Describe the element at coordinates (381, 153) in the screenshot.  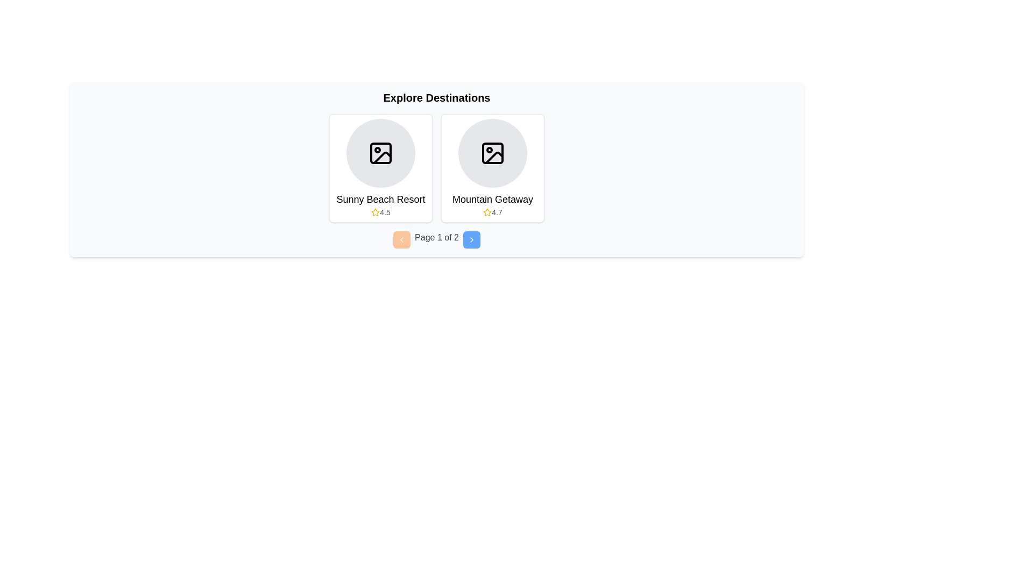
I see `the circular image placeholder with a light gray background and a black outlined 'image' icon, located at the top of the 'Sunny Beach Resort' card in the 'Explore Destinations' grid` at that location.